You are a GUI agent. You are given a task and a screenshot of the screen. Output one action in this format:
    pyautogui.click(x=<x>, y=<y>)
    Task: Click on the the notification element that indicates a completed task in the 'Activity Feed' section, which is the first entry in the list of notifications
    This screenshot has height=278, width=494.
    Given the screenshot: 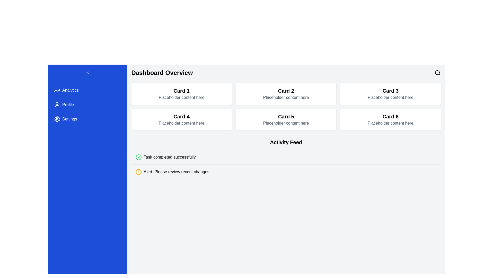 What is the action you would take?
    pyautogui.click(x=286, y=157)
    